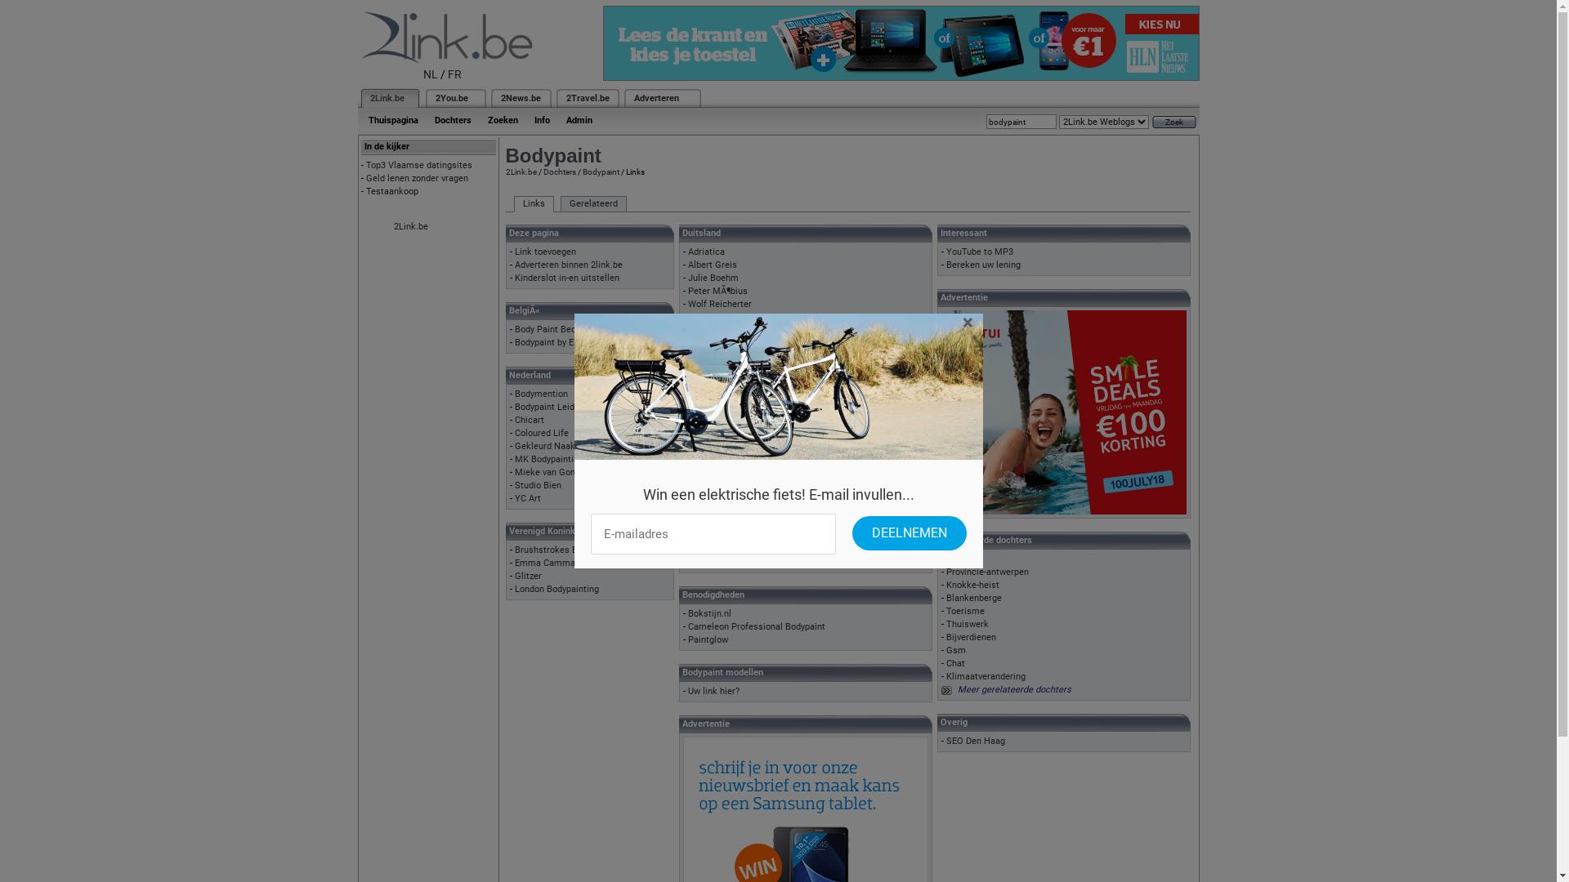 The height and width of the screenshot is (882, 1569). I want to click on 'Thuiswerk', so click(968, 624).